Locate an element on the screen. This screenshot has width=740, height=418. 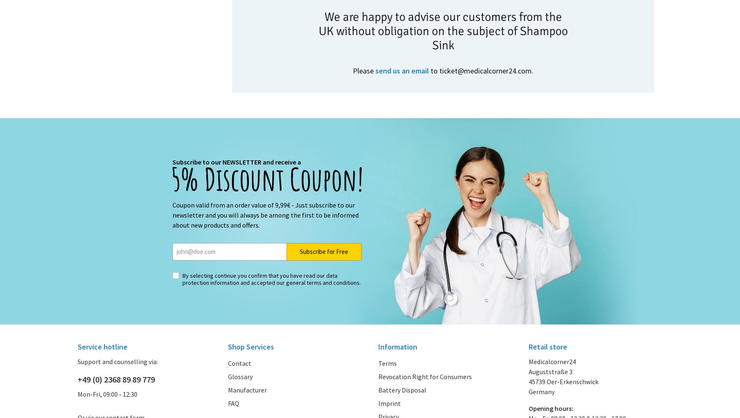
'and receive a' is located at coordinates (280, 161).